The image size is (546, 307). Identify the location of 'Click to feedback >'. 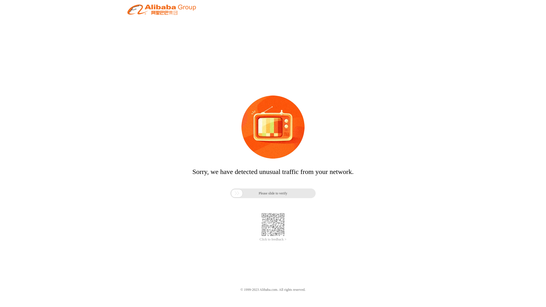
(273, 239).